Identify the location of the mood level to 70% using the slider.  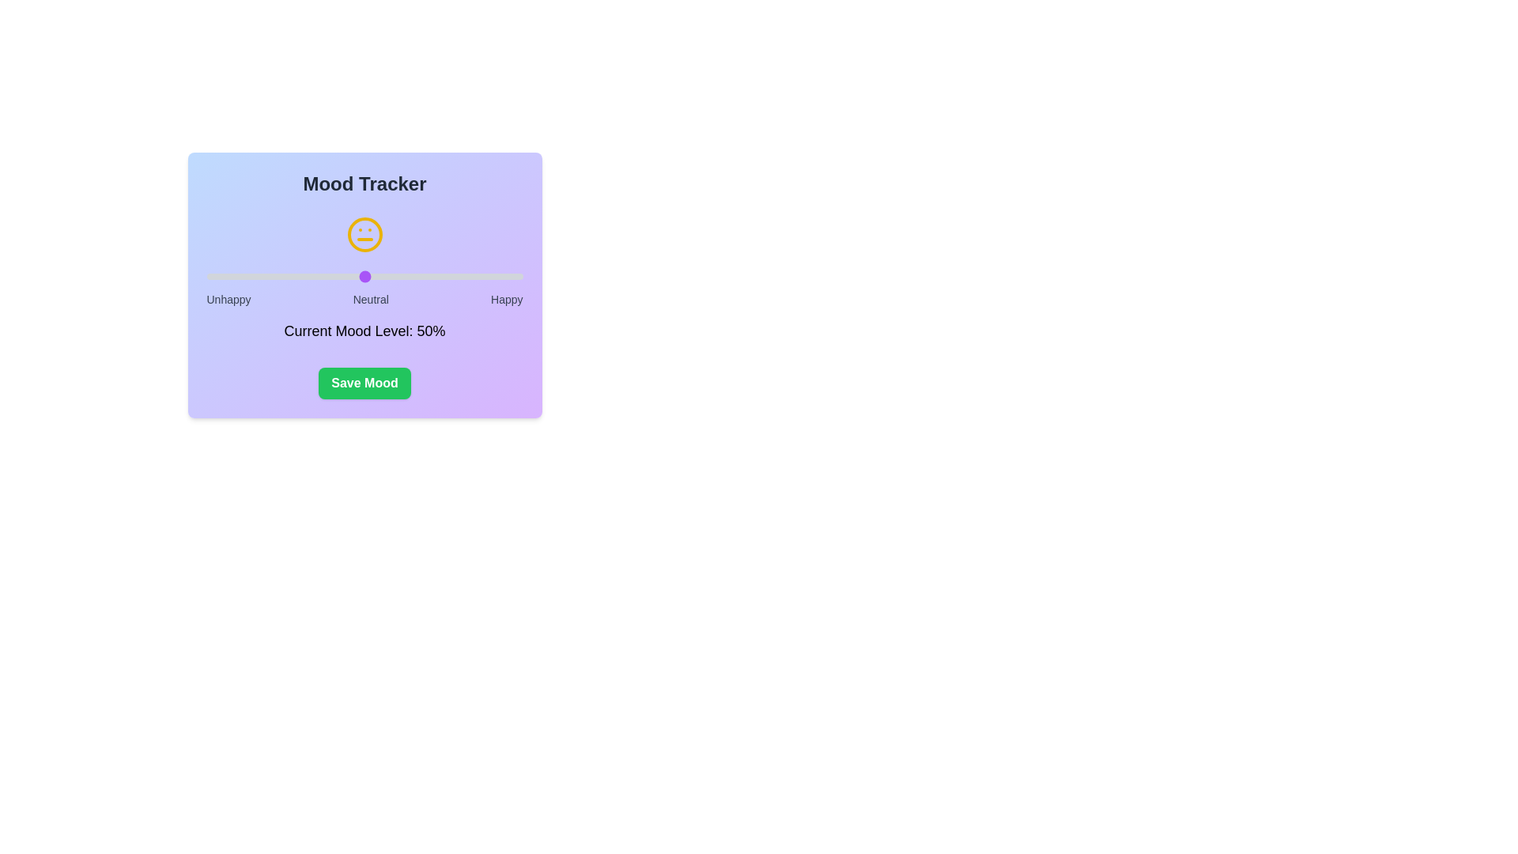
(428, 276).